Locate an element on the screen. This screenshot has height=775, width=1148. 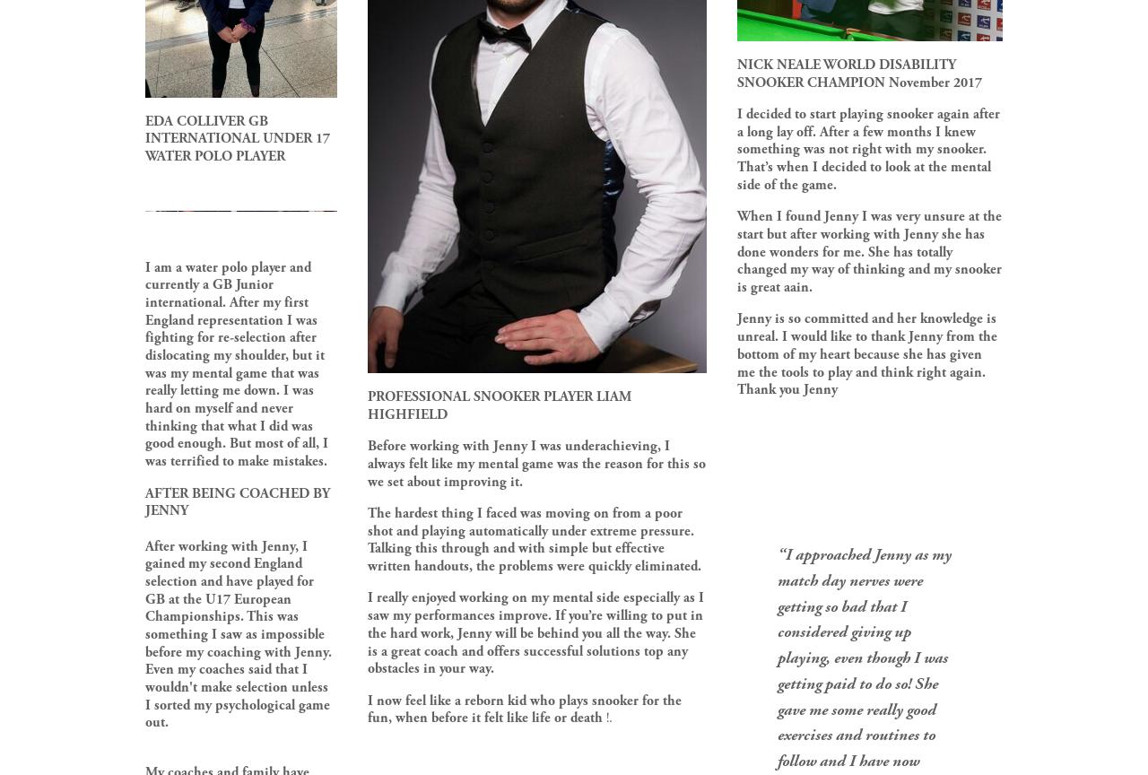
'Before working with Jenny I was underachieving, I always felt like my mental game was the reason for this so we set about improving it.' is located at coordinates (536, 464).